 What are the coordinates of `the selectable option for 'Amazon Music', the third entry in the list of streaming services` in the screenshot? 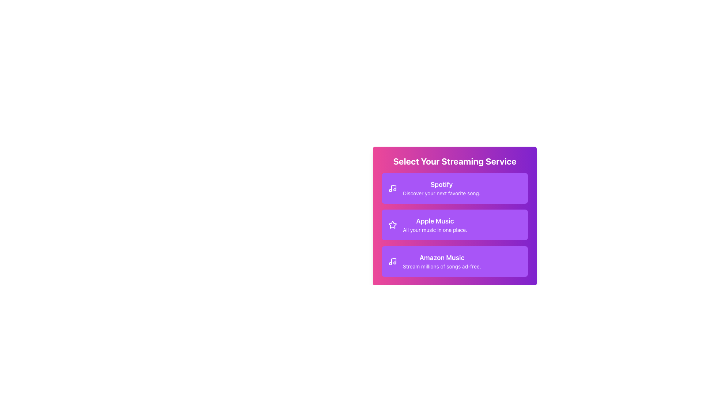 It's located at (434, 261).